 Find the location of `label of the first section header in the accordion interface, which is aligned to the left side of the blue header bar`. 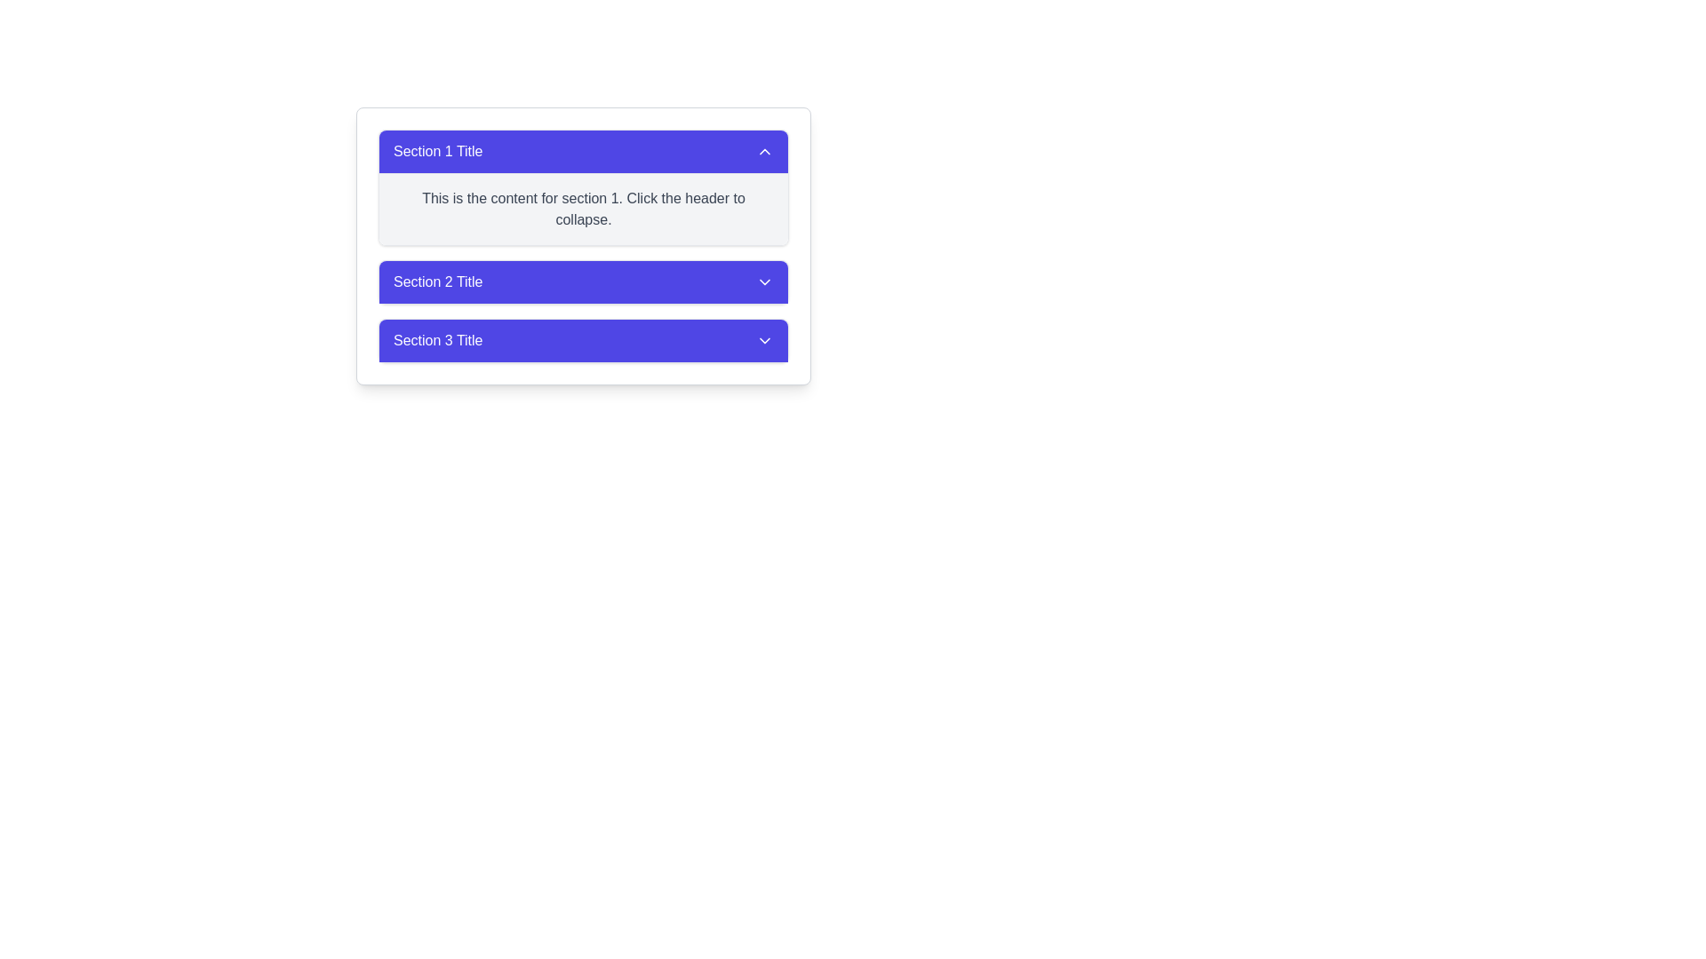

label of the first section header in the accordion interface, which is aligned to the left side of the blue header bar is located at coordinates (438, 150).